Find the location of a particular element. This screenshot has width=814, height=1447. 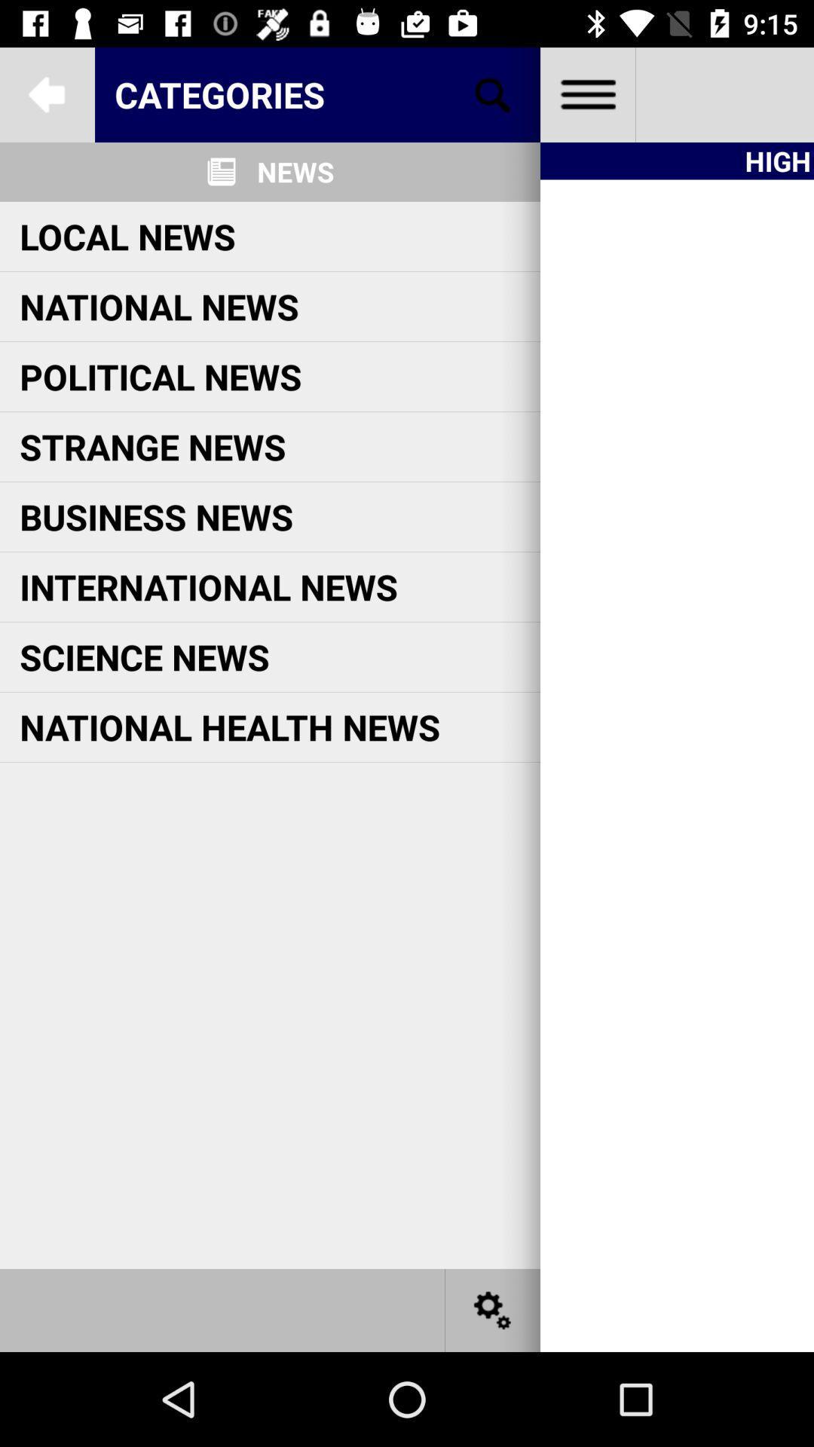

zoom in is located at coordinates (493, 93).